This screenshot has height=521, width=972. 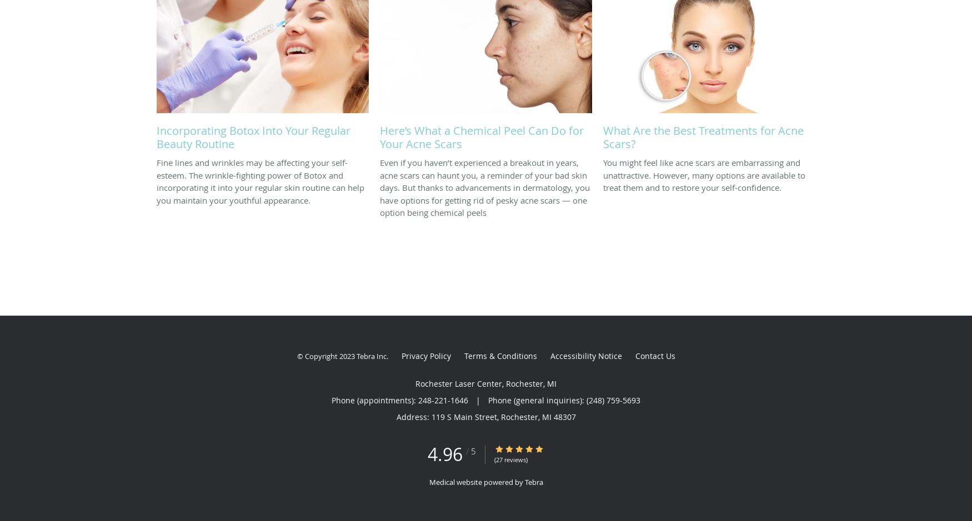 What do you see at coordinates (654, 355) in the screenshot?
I see `'Contact Us'` at bounding box center [654, 355].